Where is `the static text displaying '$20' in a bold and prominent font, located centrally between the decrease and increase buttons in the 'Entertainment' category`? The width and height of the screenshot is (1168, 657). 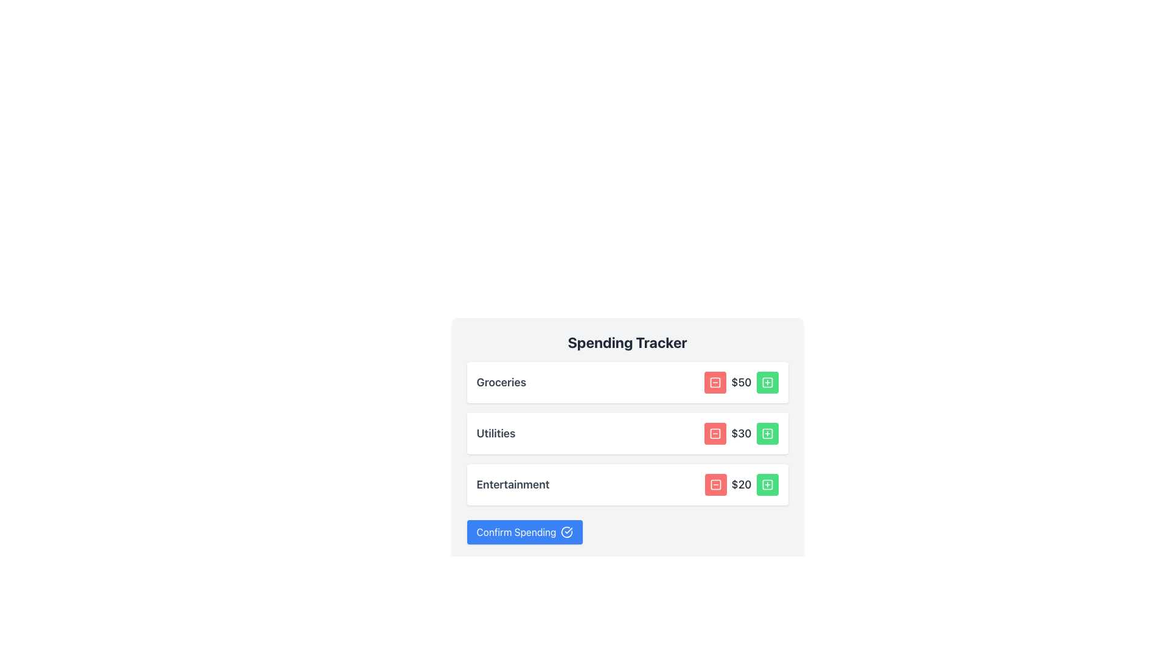
the static text displaying '$20' in a bold and prominent font, located centrally between the decrease and increase buttons in the 'Entertainment' category is located at coordinates (741, 484).